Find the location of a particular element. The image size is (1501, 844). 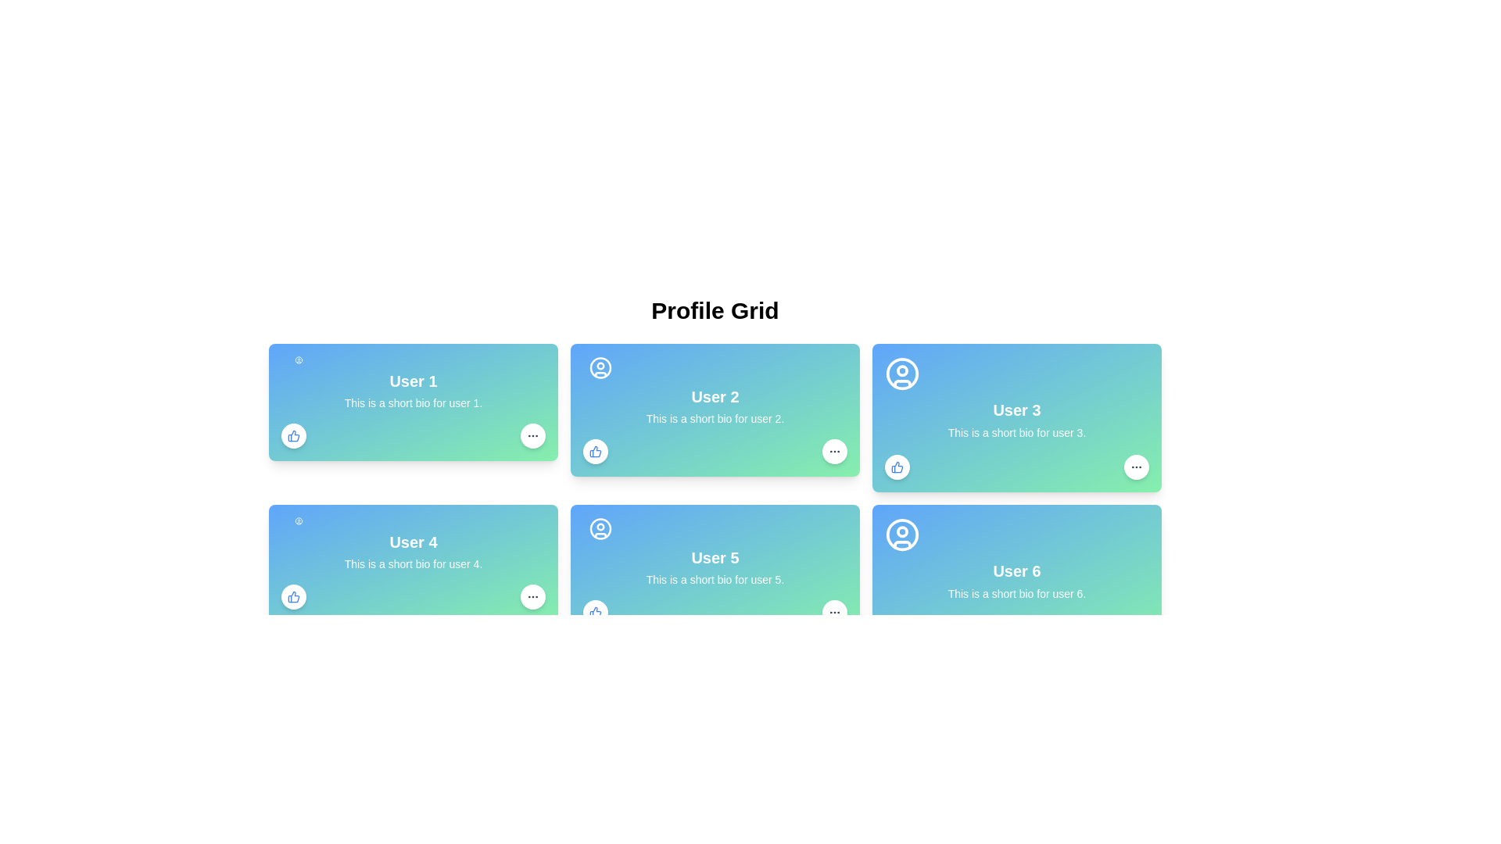

the Text element displaying the username 'User 3', which is located in the top center of the third profile card in the grid layout is located at coordinates (1016, 409).